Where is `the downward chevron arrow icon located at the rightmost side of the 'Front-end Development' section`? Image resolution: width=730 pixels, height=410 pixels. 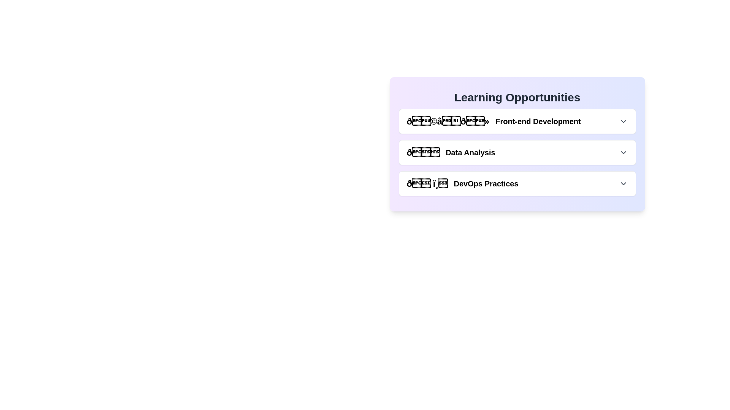 the downward chevron arrow icon located at the rightmost side of the 'Front-end Development' section is located at coordinates (623, 121).